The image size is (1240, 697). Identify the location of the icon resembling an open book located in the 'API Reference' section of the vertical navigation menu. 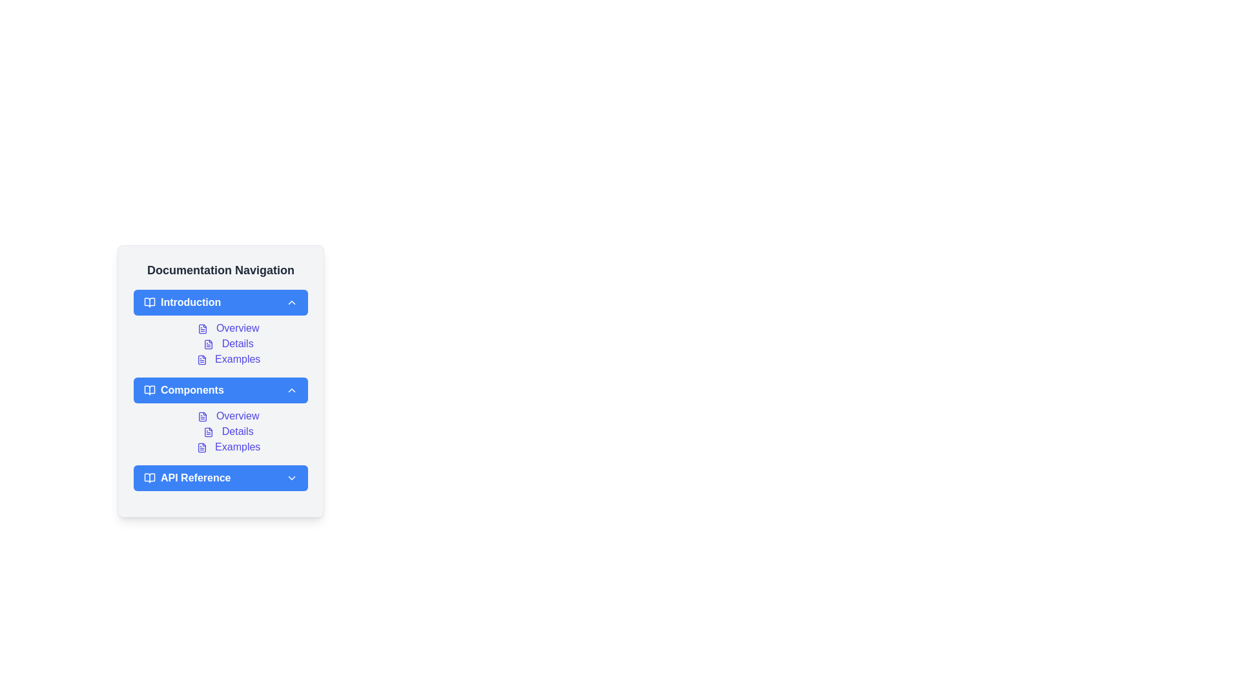
(149, 478).